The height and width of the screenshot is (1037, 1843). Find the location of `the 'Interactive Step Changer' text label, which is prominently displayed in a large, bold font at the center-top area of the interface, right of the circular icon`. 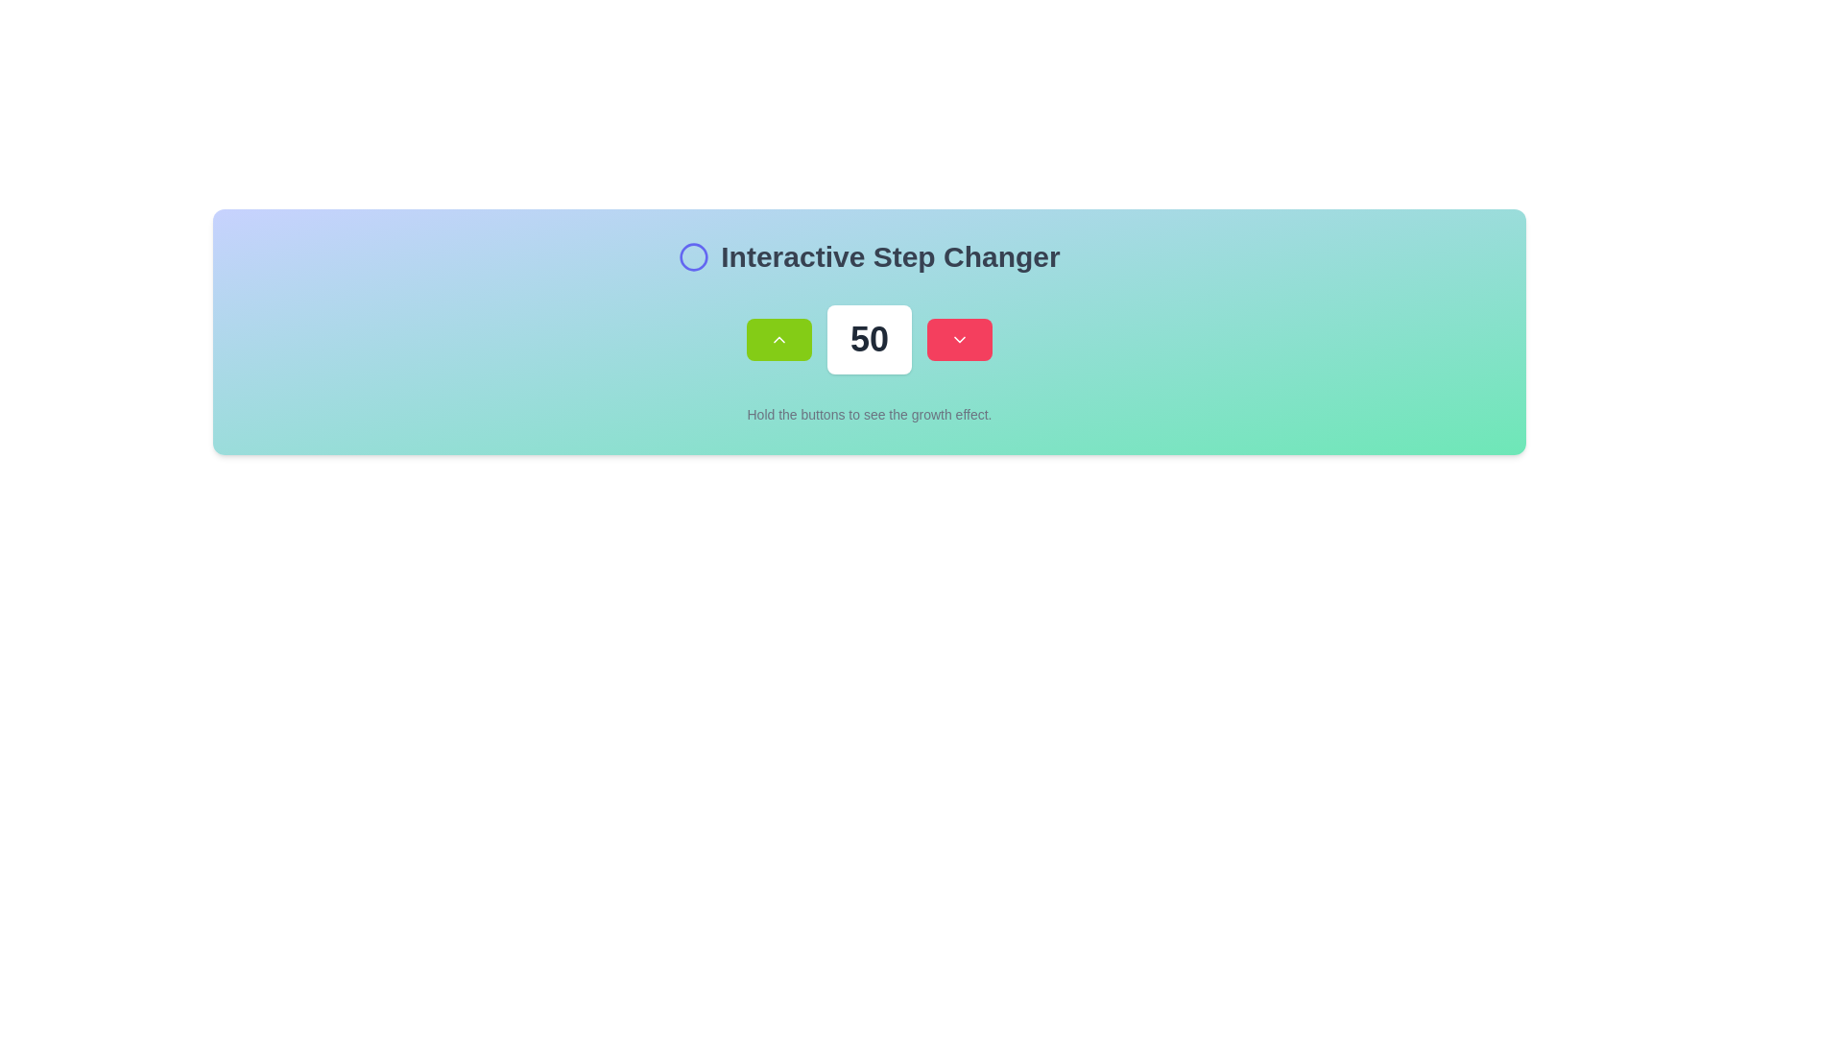

the 'Interactive Step Changer' text label, which is prominently displayed in a large, bold font at the center-top area of the interface, right of the circular icon is located at coordinates (889, 255).